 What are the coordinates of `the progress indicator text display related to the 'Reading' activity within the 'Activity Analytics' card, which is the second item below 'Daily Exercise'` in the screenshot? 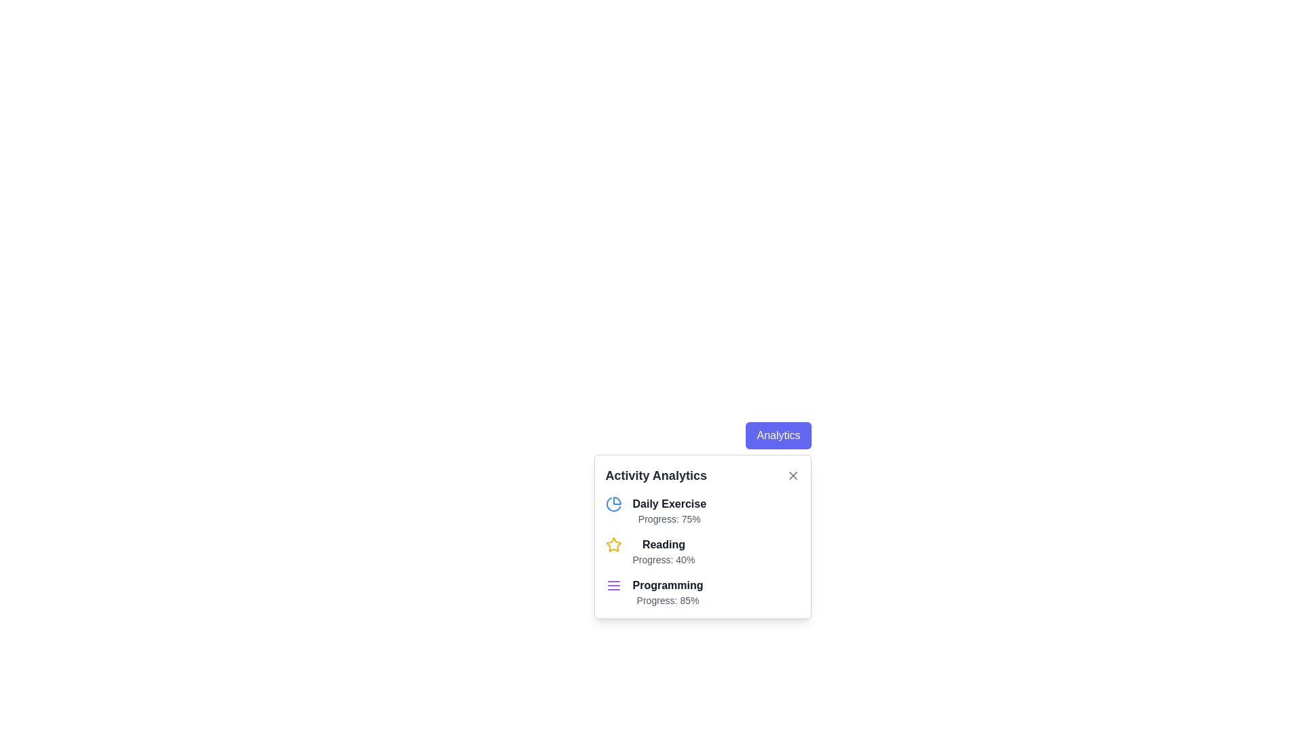 It's located at (664, 552).